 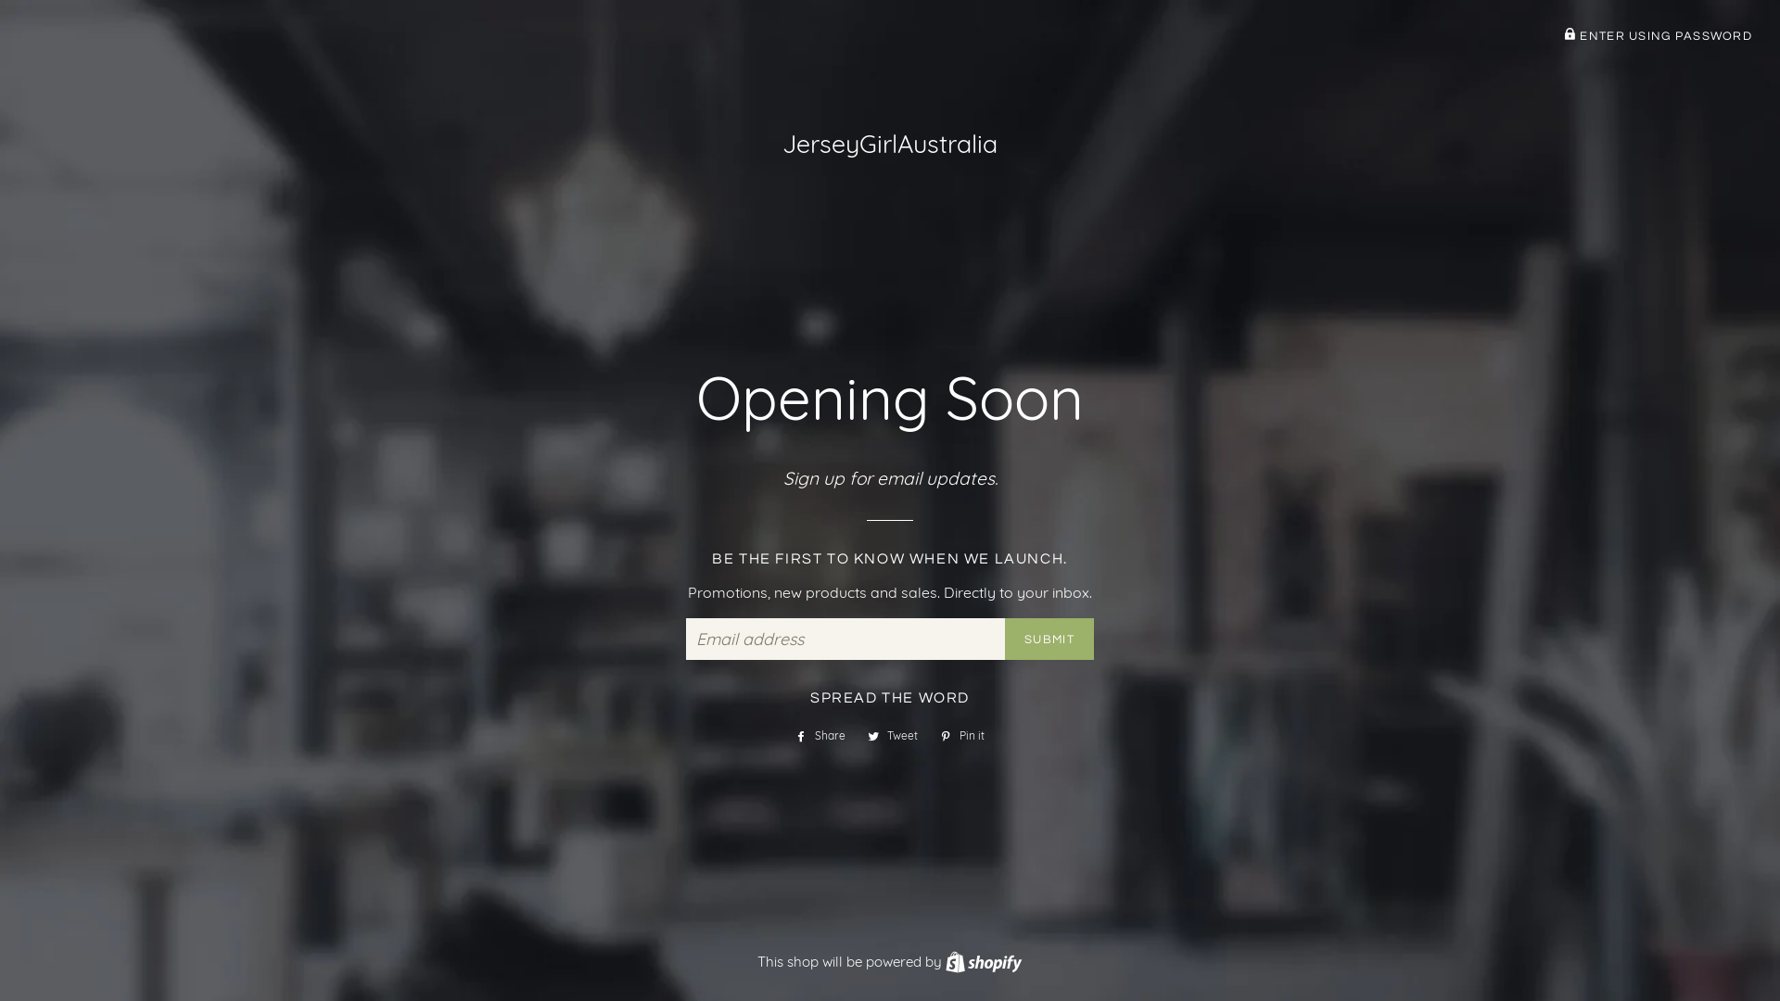 I want to click on 'Share, so click(x=819, y=735).